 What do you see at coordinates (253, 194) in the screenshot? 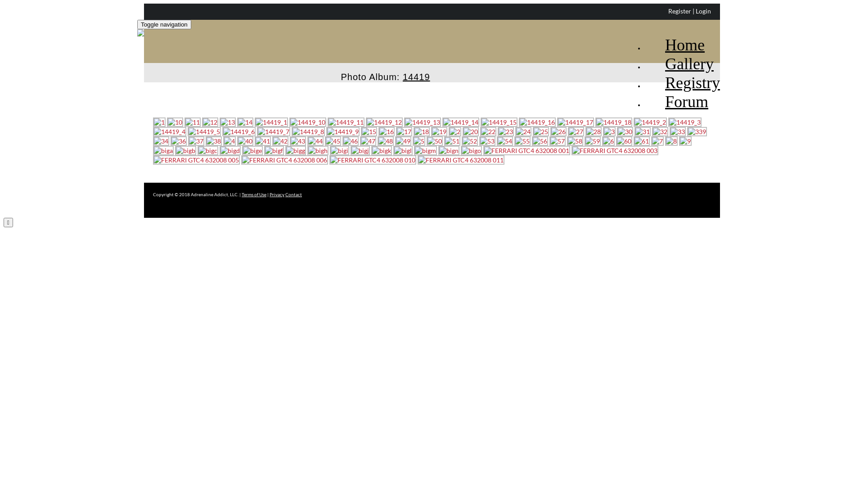
I see `'Terms of Use'` at bounding box center [253, 194].